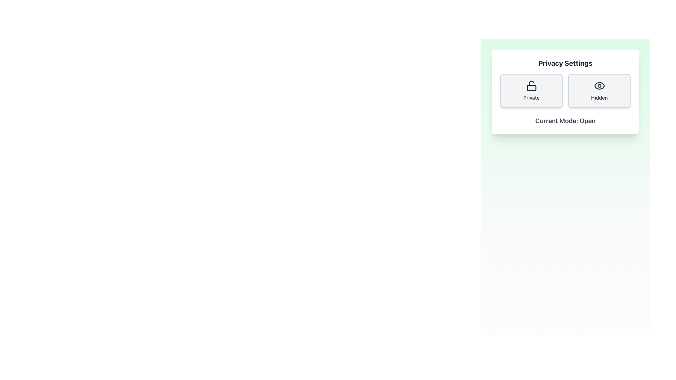 This screenshot has width=676, height=380. I want to click on the 'Privacy Settings' text label, which is a bold, extra-large font element located at the top-center of a rectangular white card, so click(565, 63).